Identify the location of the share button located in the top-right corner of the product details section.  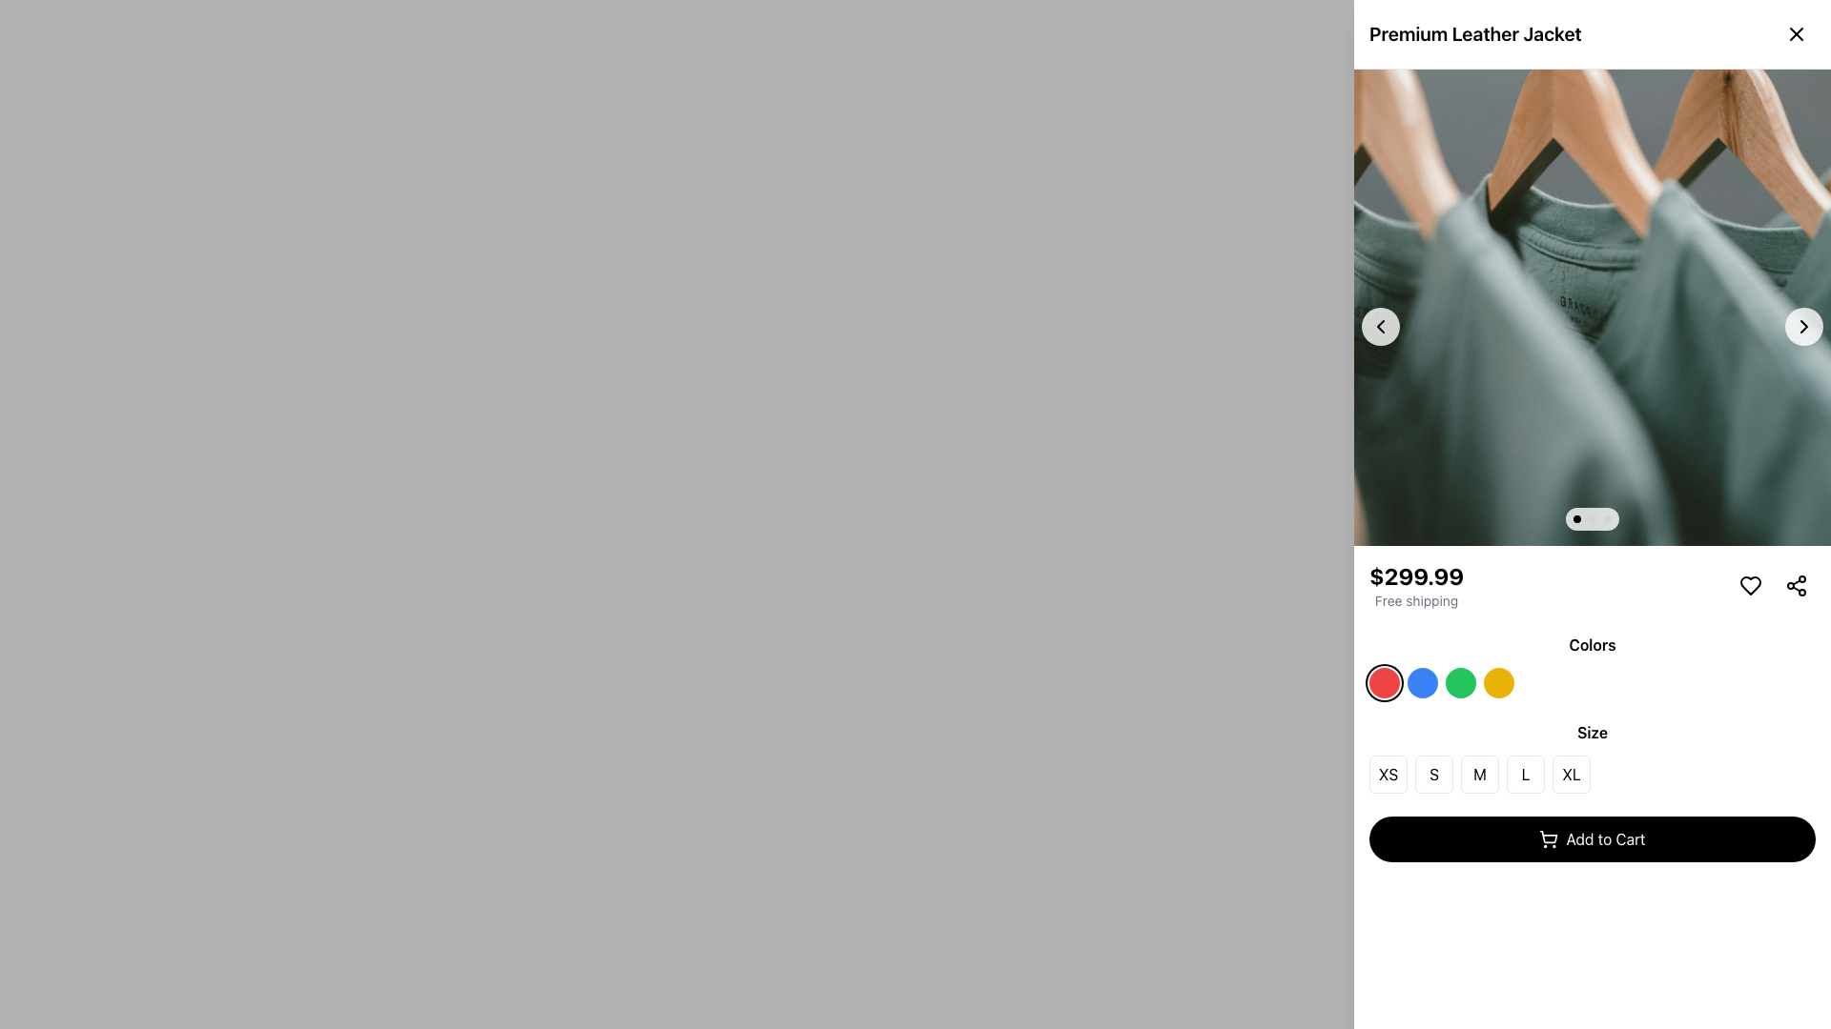
(1795, 584).